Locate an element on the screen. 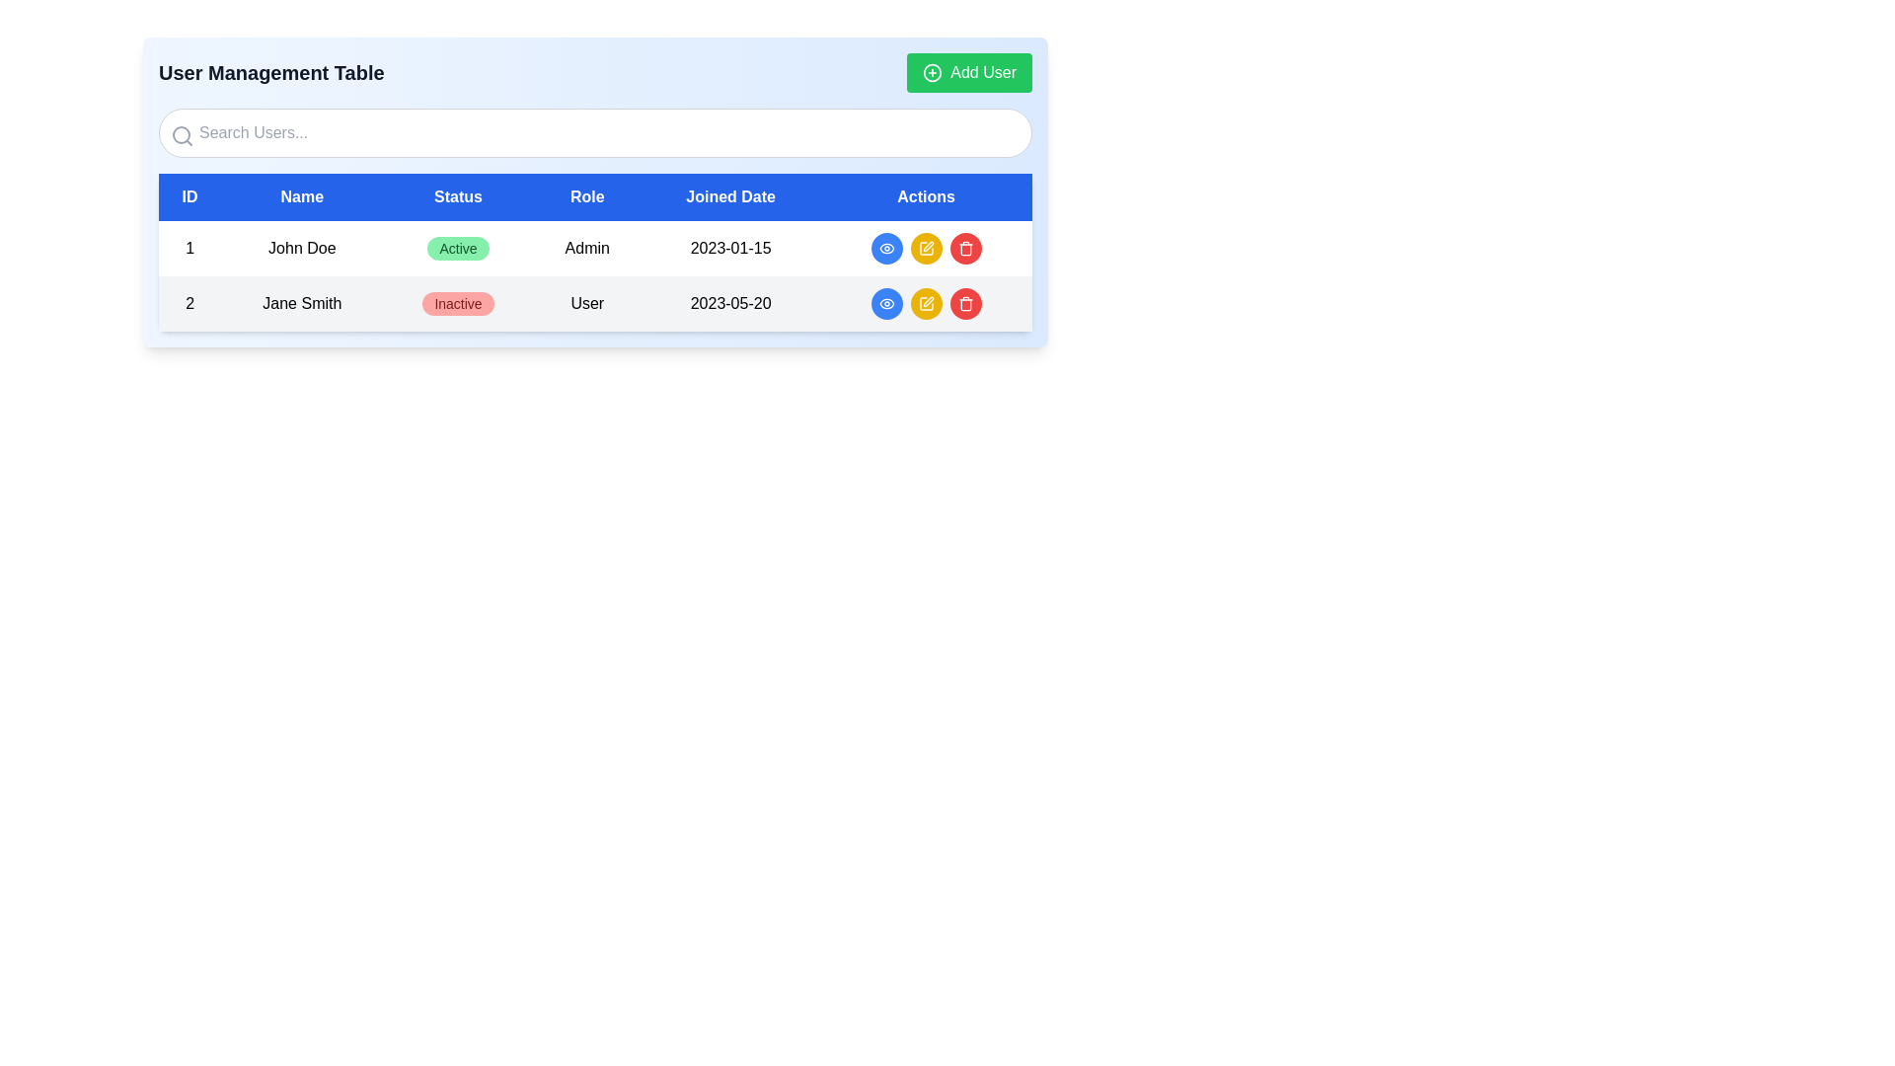 The image size is (1895, 1066). the preview button in the 'Actions' column for user 'Jane Smith' is located at coordinates (885, 304).